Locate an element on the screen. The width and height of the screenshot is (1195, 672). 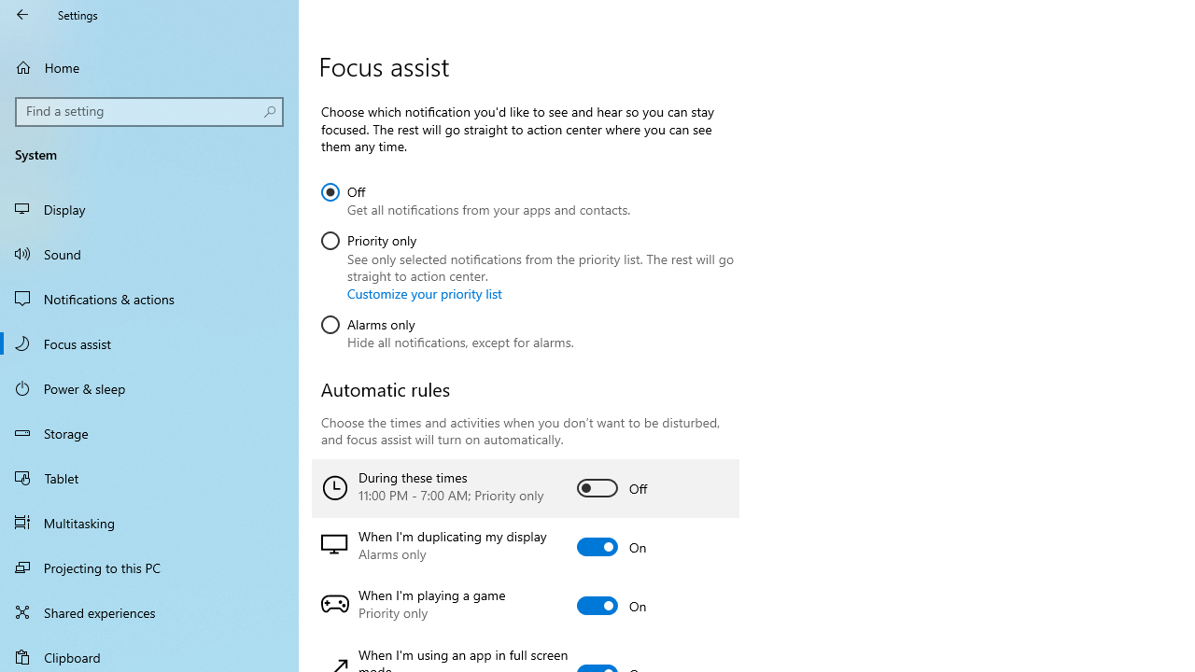
'Storage' is located at coordinates (149, 433).